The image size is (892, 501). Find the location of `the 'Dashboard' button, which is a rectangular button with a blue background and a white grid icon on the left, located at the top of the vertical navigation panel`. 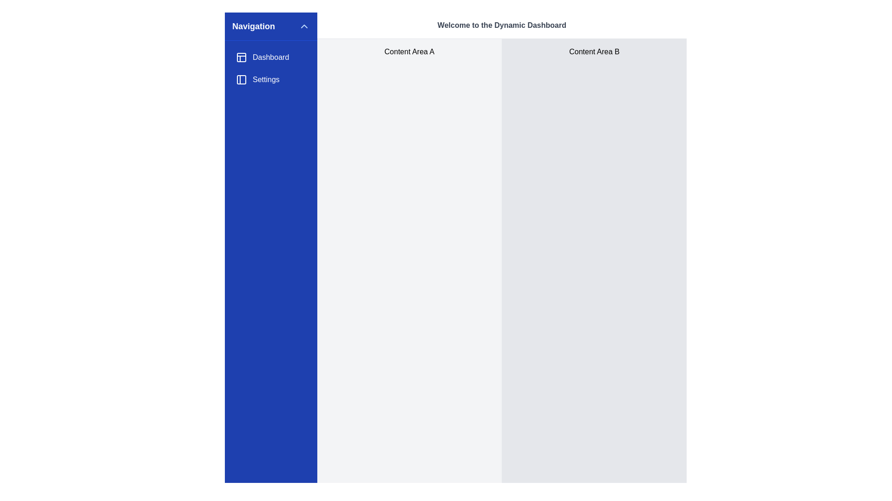

the 'Dashboard' button, which is a rectangular button with a blue background and a white grid icon on the left, located at the top of the vertical navigation panel is located at coordinates (270, 57).